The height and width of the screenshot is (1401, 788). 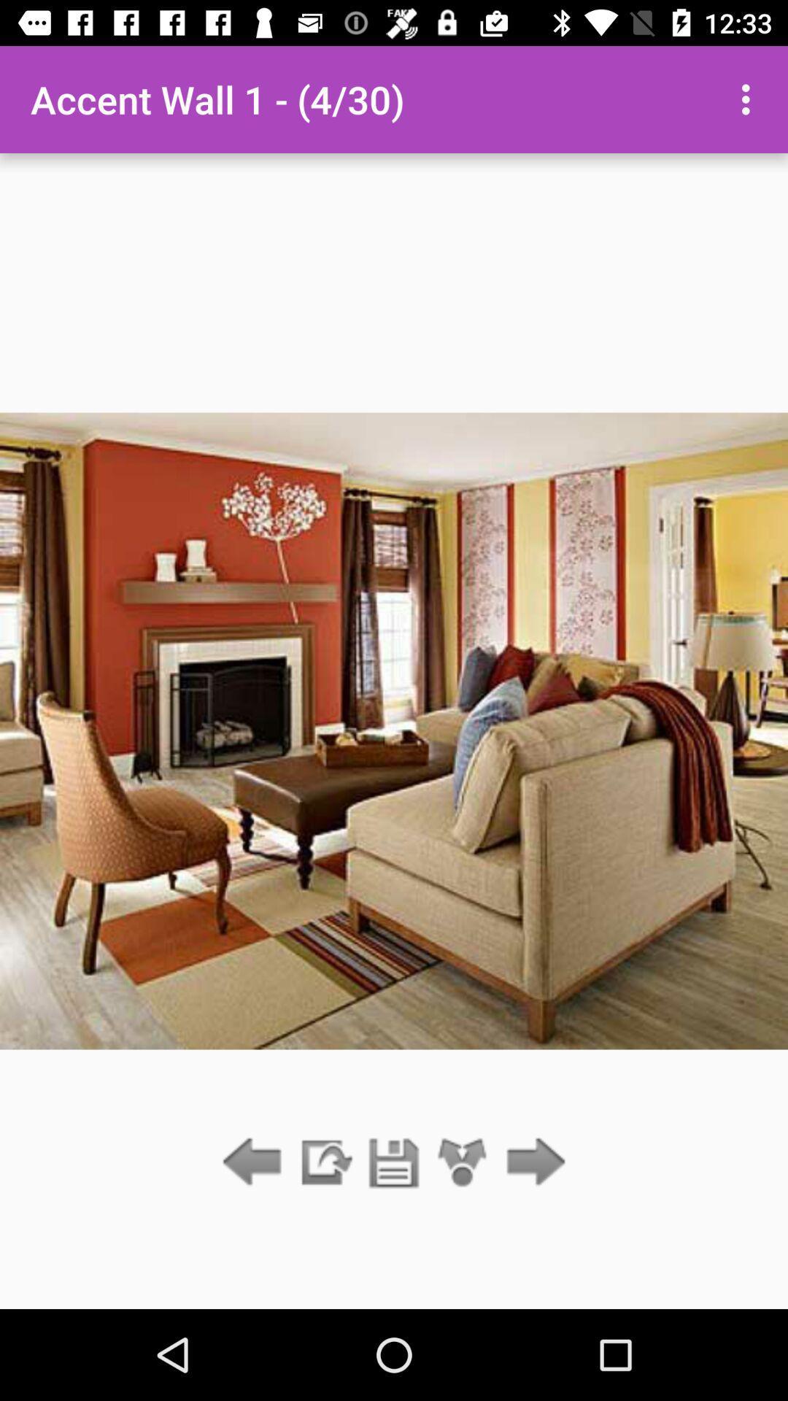 What do you see at coordinates (255, 1162) in the screenshot?
I see `return to previous selection` at bounding box center [255, 1162].